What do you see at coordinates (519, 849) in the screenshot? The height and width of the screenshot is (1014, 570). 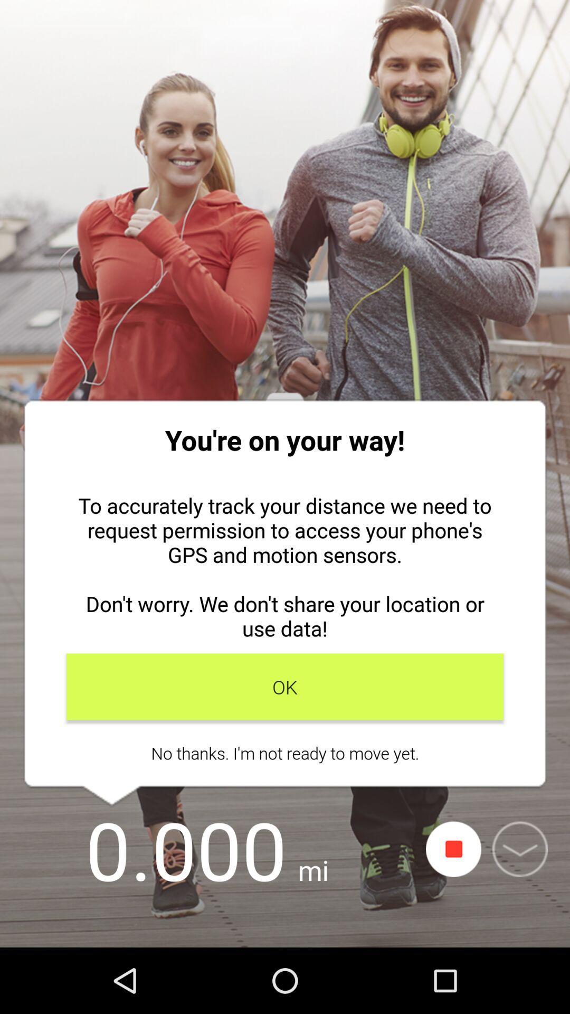 I see `the expand_more icon` at bounding box center [519, 849].